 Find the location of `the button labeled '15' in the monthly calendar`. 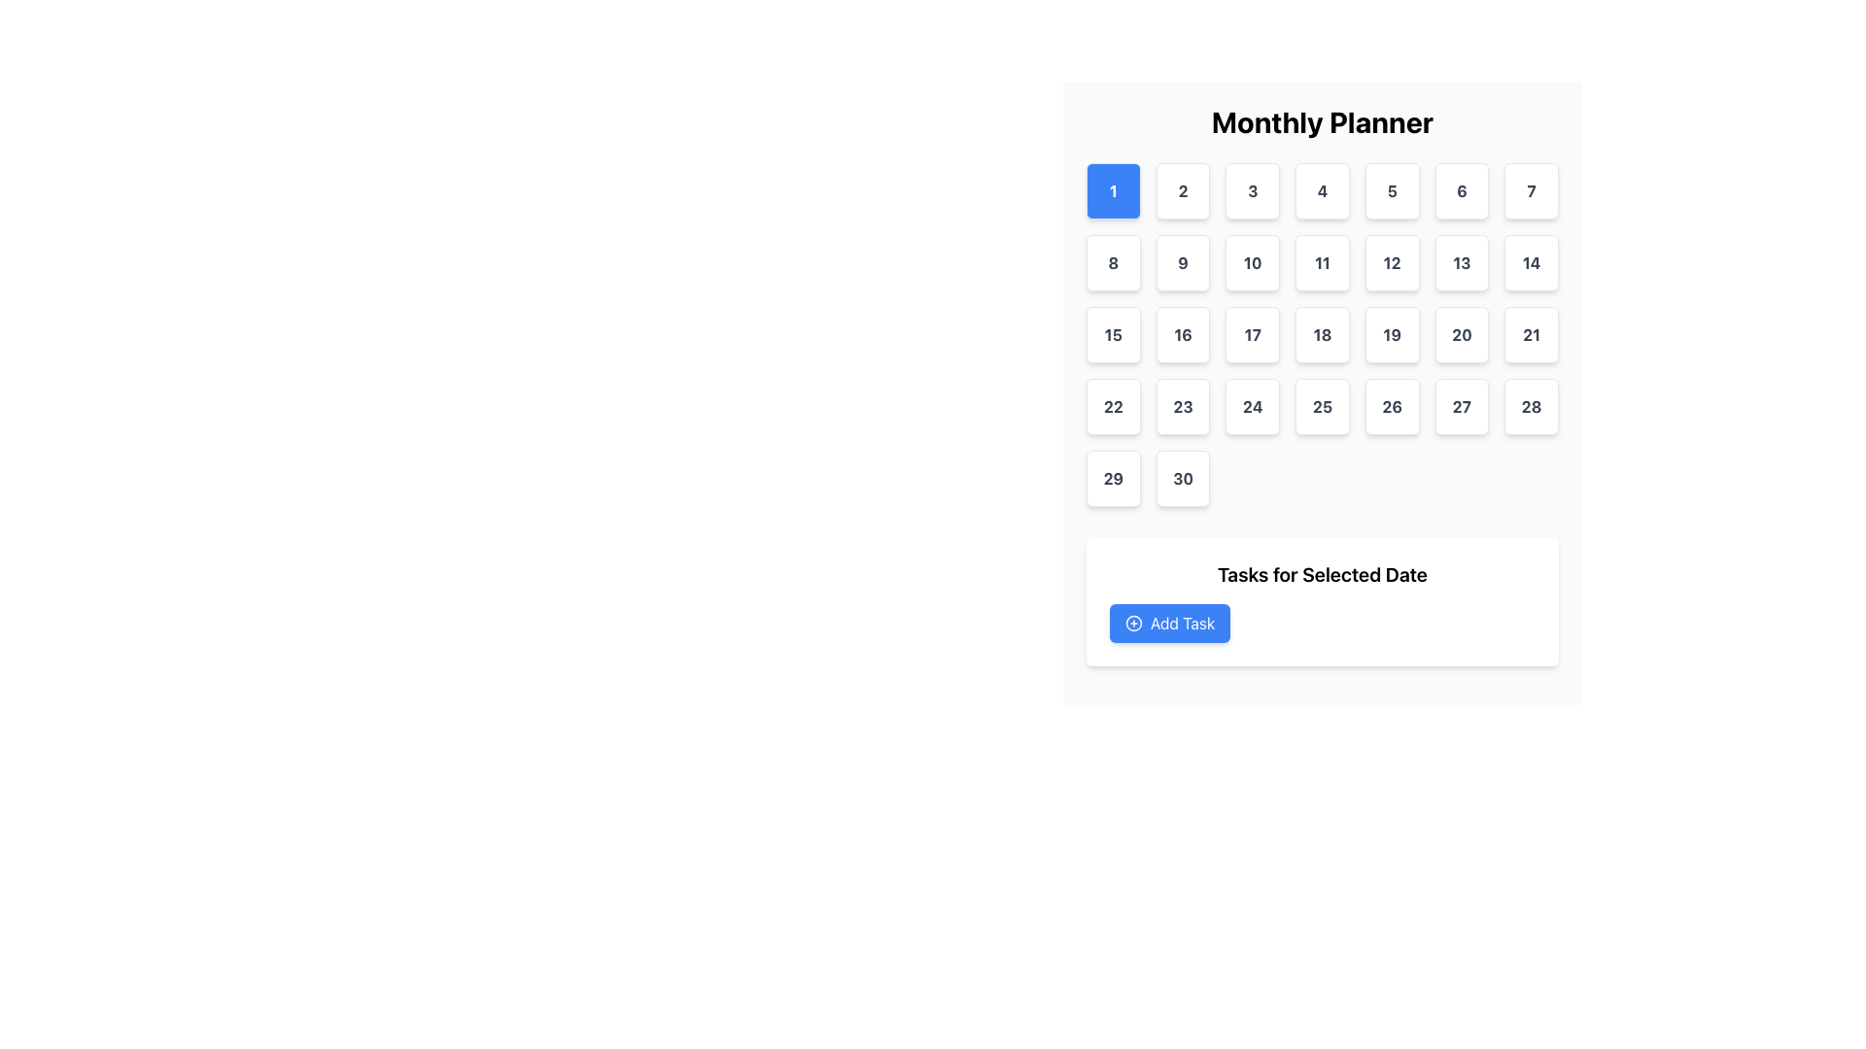

the button labeled '15' in the monthly calendar is located at coordinates (1113, 333).